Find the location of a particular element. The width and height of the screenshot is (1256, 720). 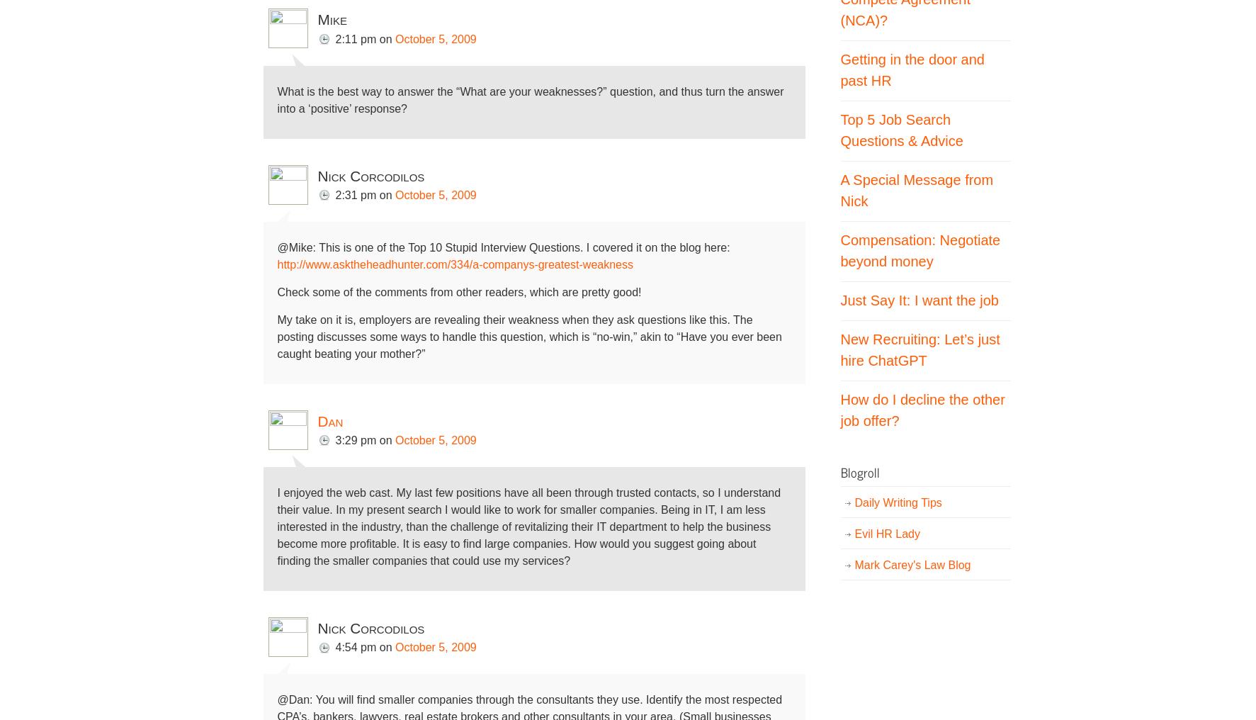

'http://www.asktheheadhunter.com/334/a-companys-greatest-weakness' is located at coordinates (276, 264).